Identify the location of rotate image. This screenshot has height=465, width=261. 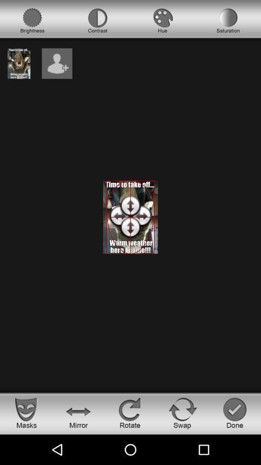
(130, 412).